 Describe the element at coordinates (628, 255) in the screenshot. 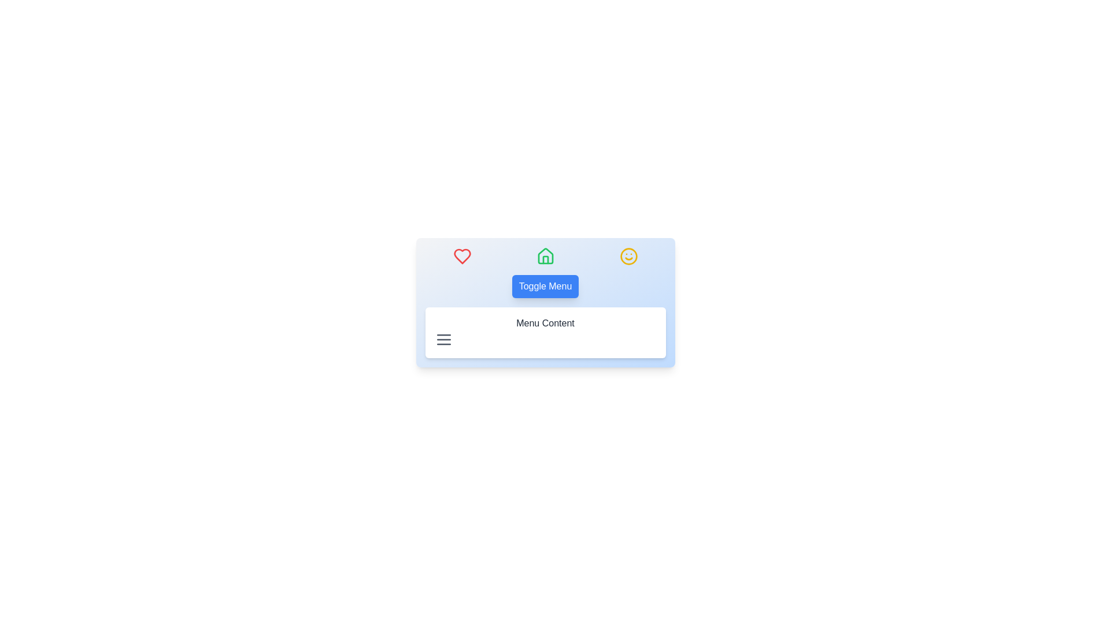

I see `the decorative circle element with a yellow border located to the right of the blue 'Toggle Menu' button` at that location.